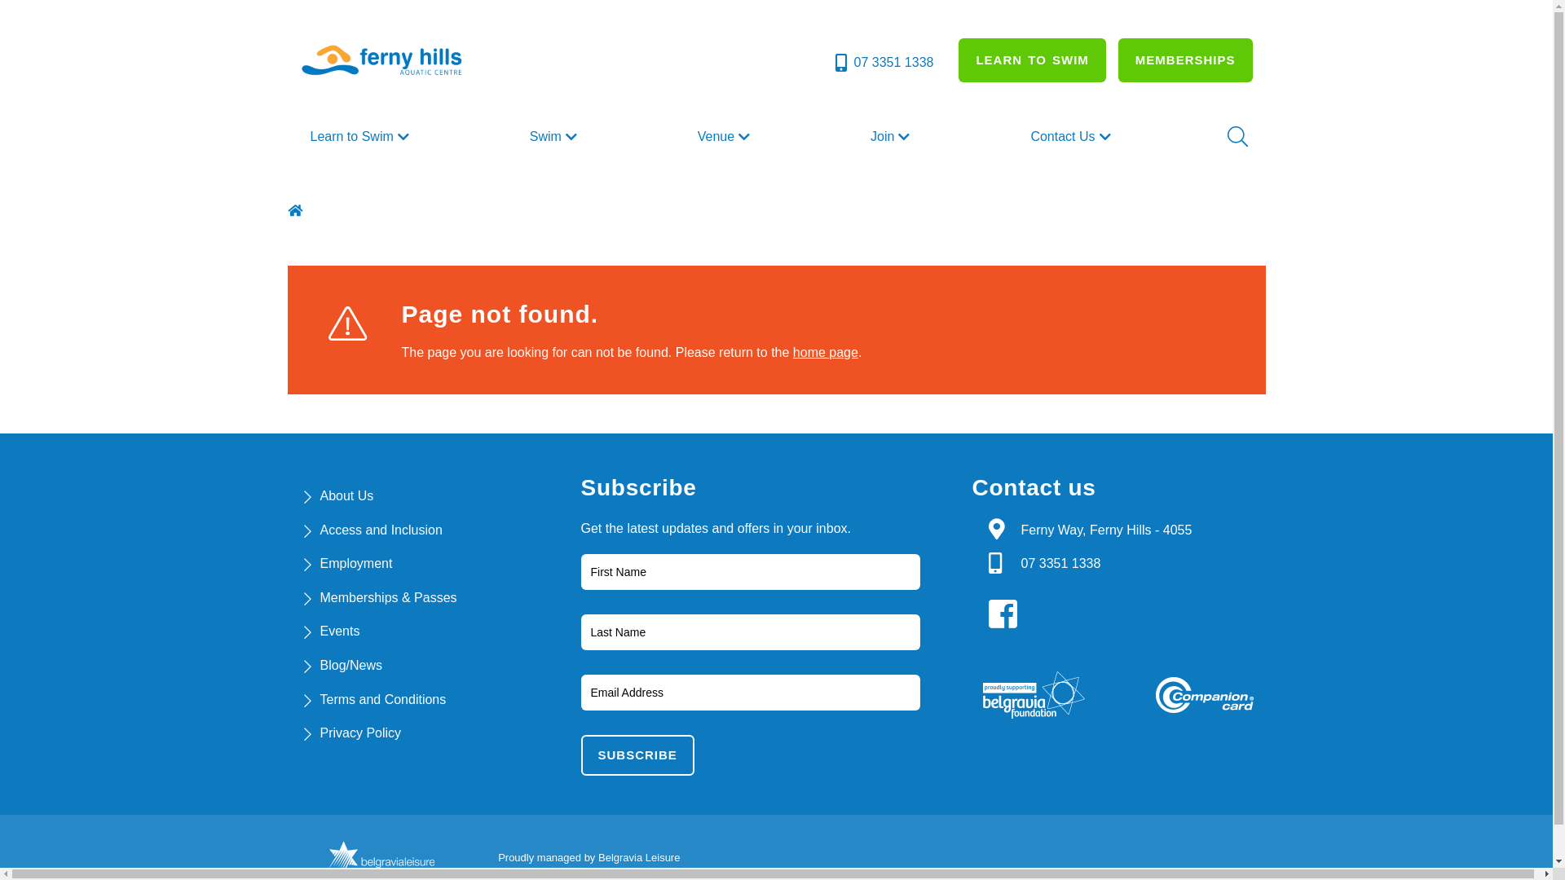 The width and height of the screenshot is (1565, 880). What do you see at coordinates (297, 209) in the screenshot?
I see `' '` at bounding box center [297, 209].